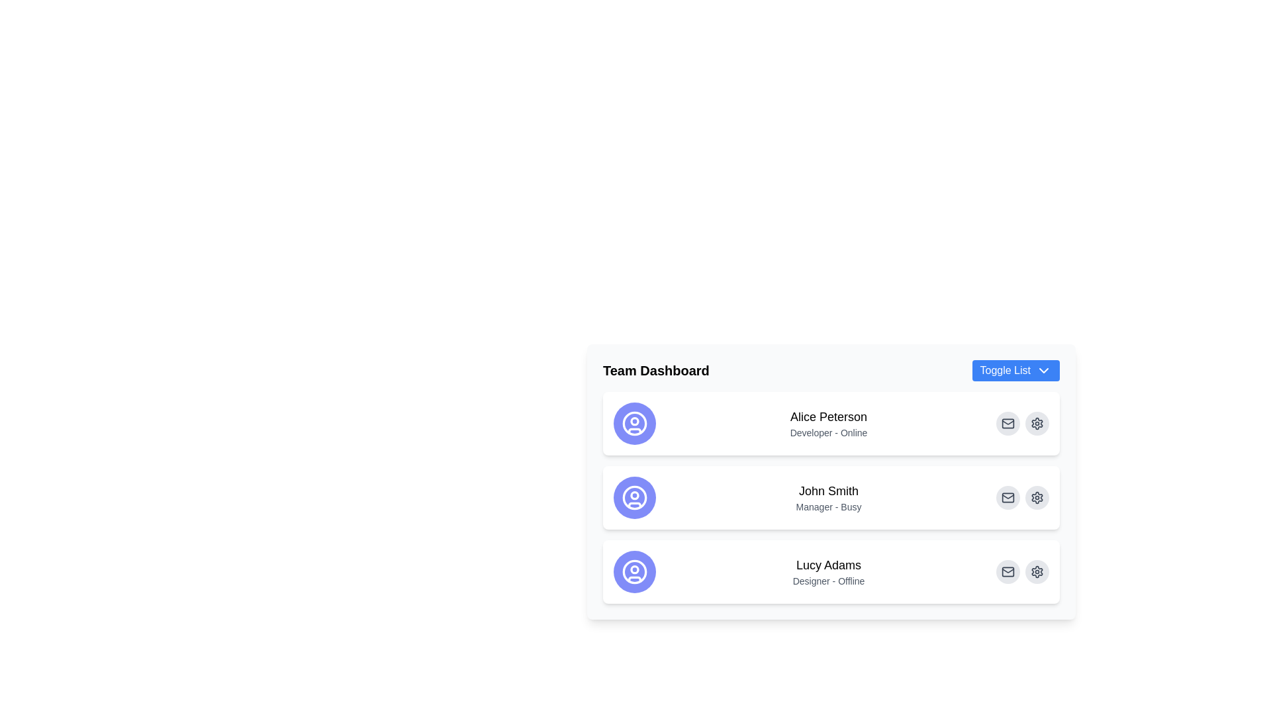 The image size is (1271, 715). I want to click on the profile icon for user 'Lucy Adams' located in the bottommost row of the 'Team Dashboard' section, to the left of her name label, so click(634, 571).